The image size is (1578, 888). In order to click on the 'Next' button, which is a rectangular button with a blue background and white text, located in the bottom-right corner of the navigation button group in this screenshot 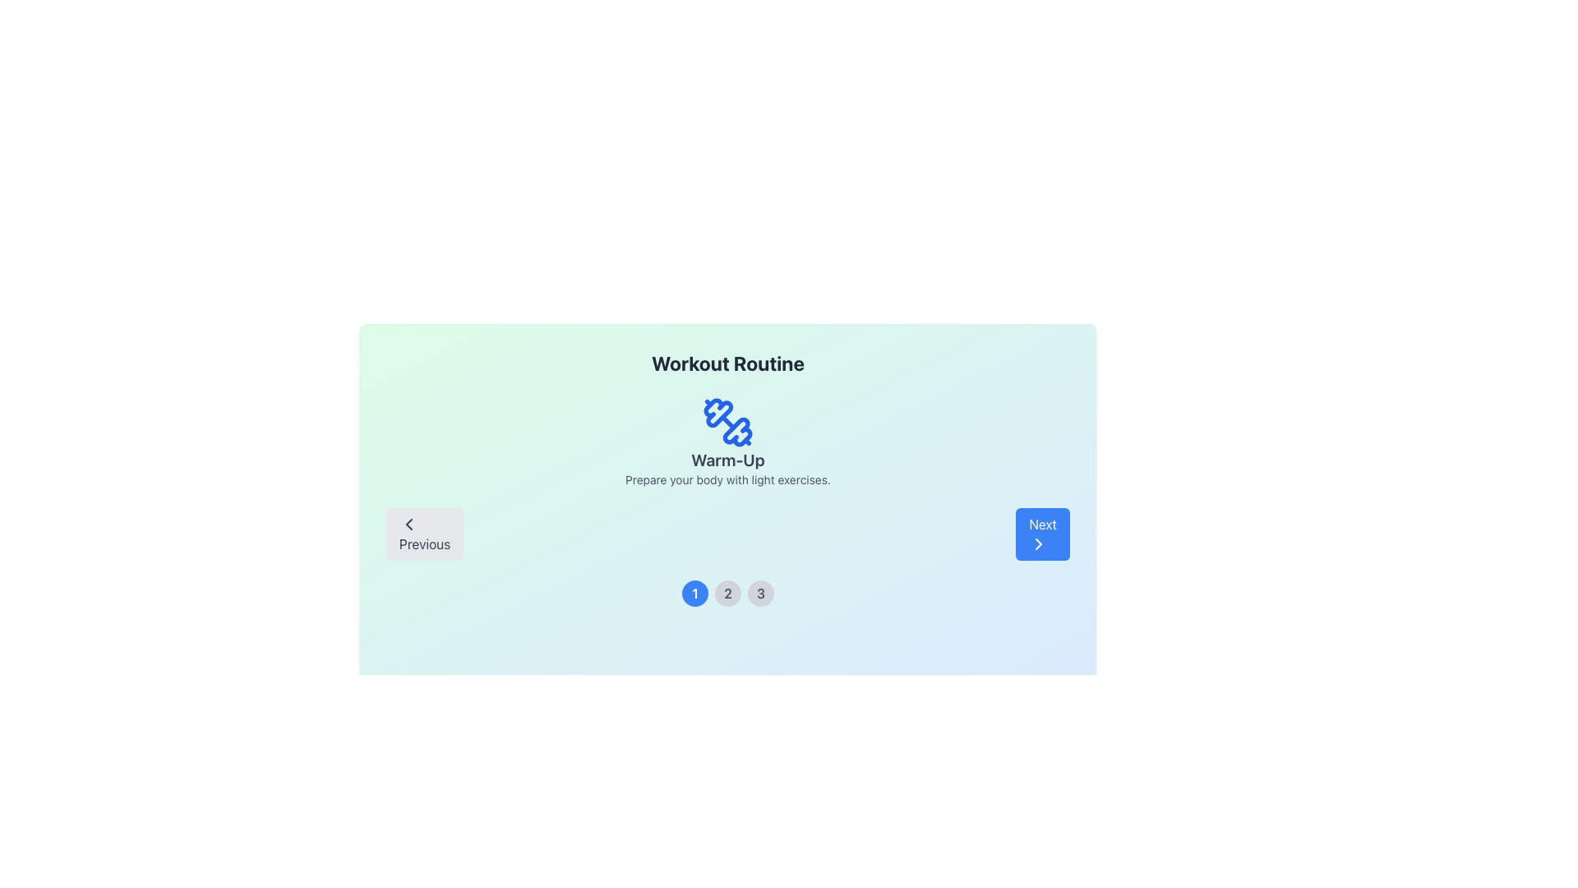, I will do `click(1041, 534)`.